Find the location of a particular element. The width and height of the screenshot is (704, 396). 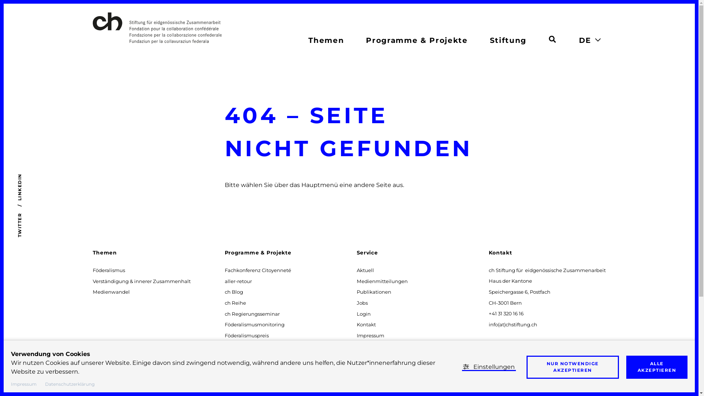

'Datenschutz' is located at coordinates (372, 346).